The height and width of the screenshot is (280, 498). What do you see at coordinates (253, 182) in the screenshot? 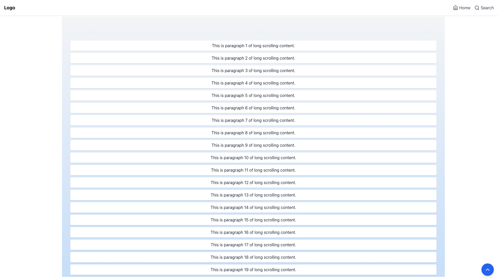
I see `text from the 12th paragraph component that contains the text 'This is paragraph 12 of long scrolling content.'` at bounding box center [253, 182].